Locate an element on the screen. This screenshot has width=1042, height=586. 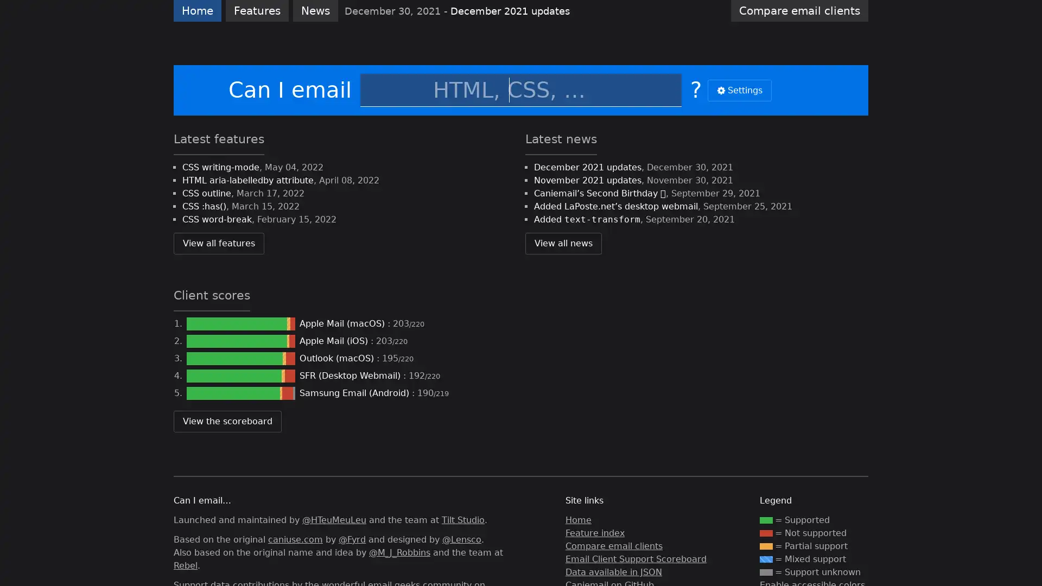
Settings is located at coordinates (739, 89).